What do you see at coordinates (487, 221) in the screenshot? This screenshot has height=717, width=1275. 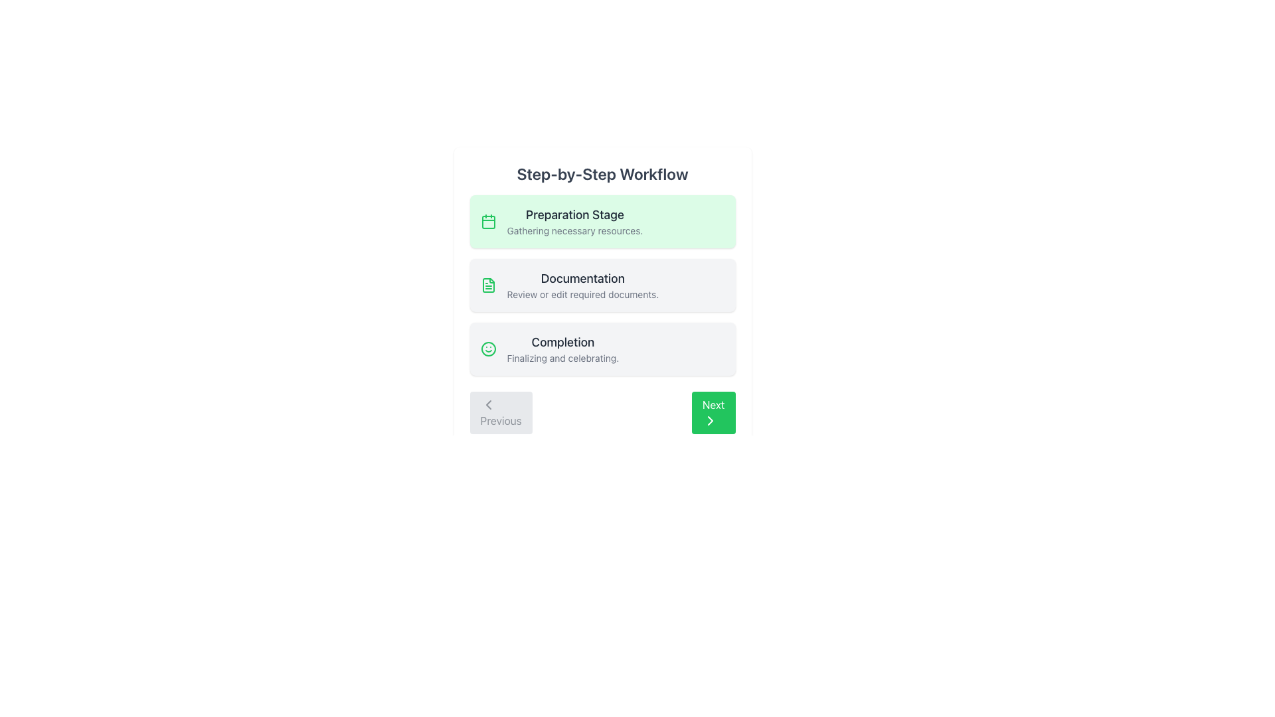 I see `the vibrant green calendar icon located in the highlighted green box labeled 'Preparation Stage'` at bounding box center [487, 221].